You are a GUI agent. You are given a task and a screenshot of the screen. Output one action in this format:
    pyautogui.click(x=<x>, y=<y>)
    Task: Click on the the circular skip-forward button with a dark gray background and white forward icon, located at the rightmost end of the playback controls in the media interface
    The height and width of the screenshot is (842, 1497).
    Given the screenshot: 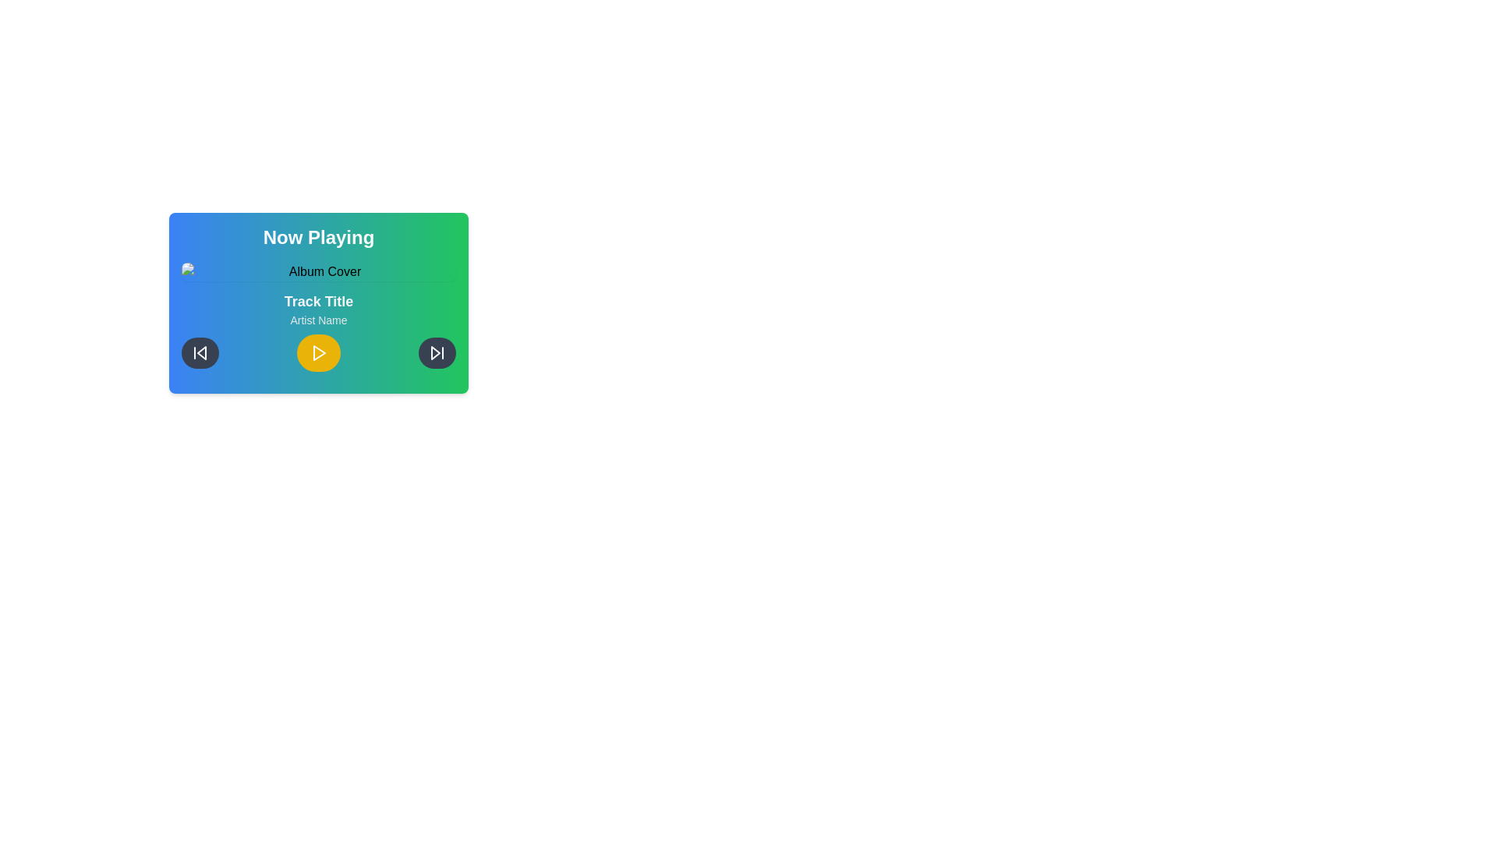 What is the action you would take?
    pyautogui.click(x=437, y=352)
    